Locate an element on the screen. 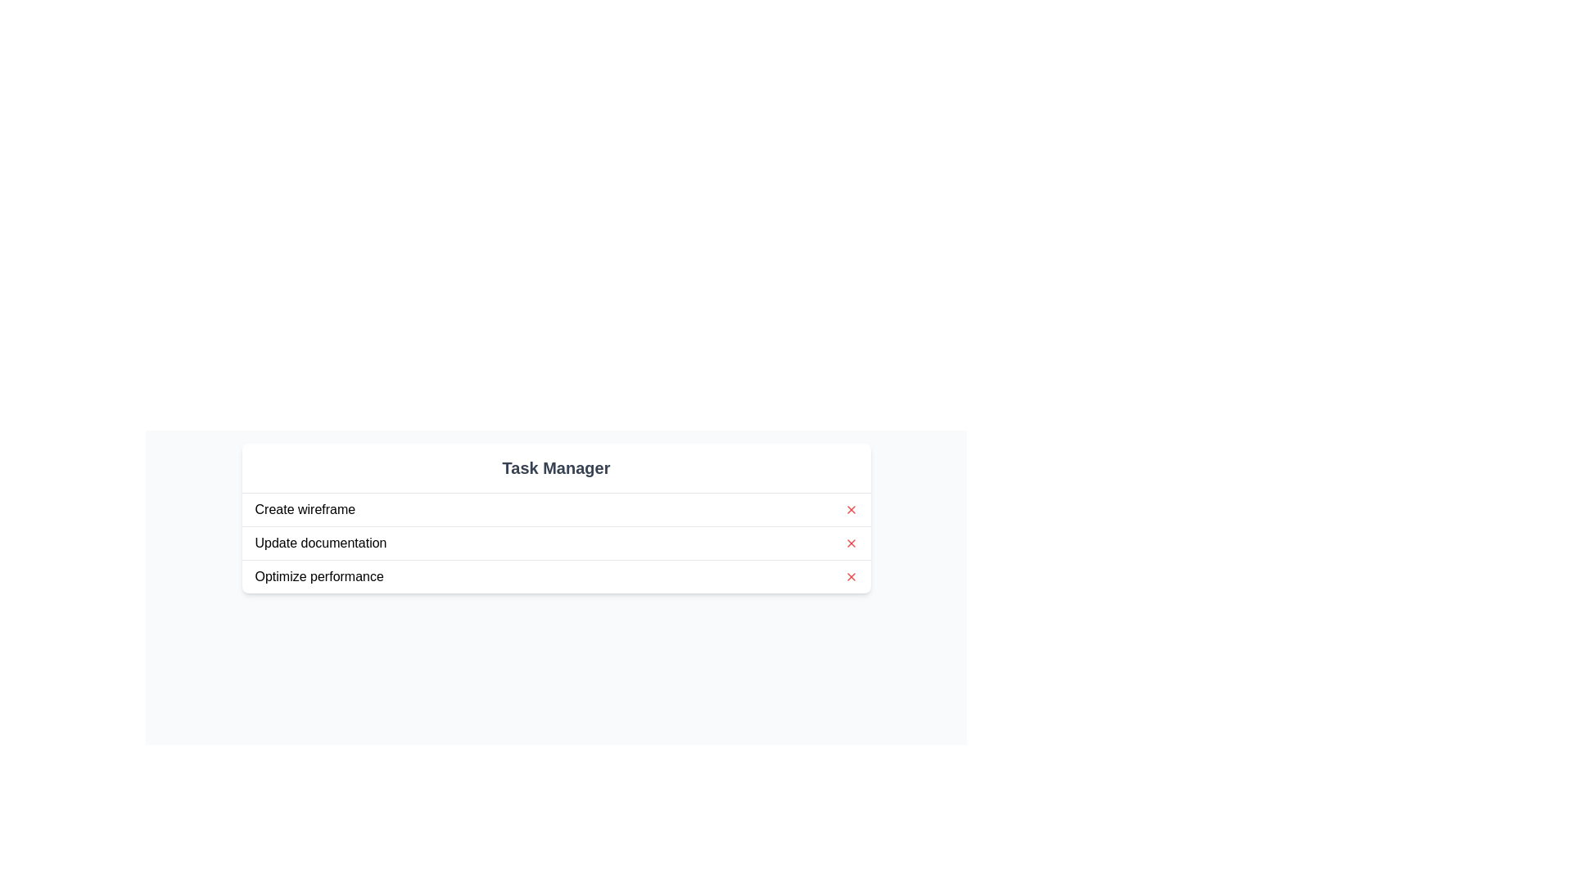 The height and width of the screenshot is (884, 1572). the task labeled 'Update documentation' in the task list is located at coordinates (556, 543).